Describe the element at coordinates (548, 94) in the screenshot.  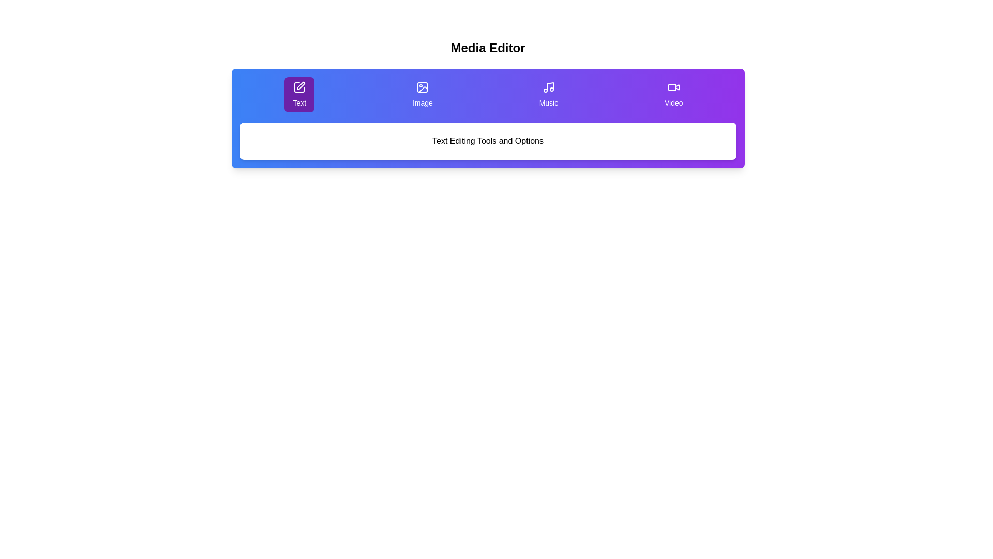
I see `the 'Music' navigation button, which is the third button in a horizontal group labeled 'Text', 'Image', 'Music', and 'Video'` at that location.